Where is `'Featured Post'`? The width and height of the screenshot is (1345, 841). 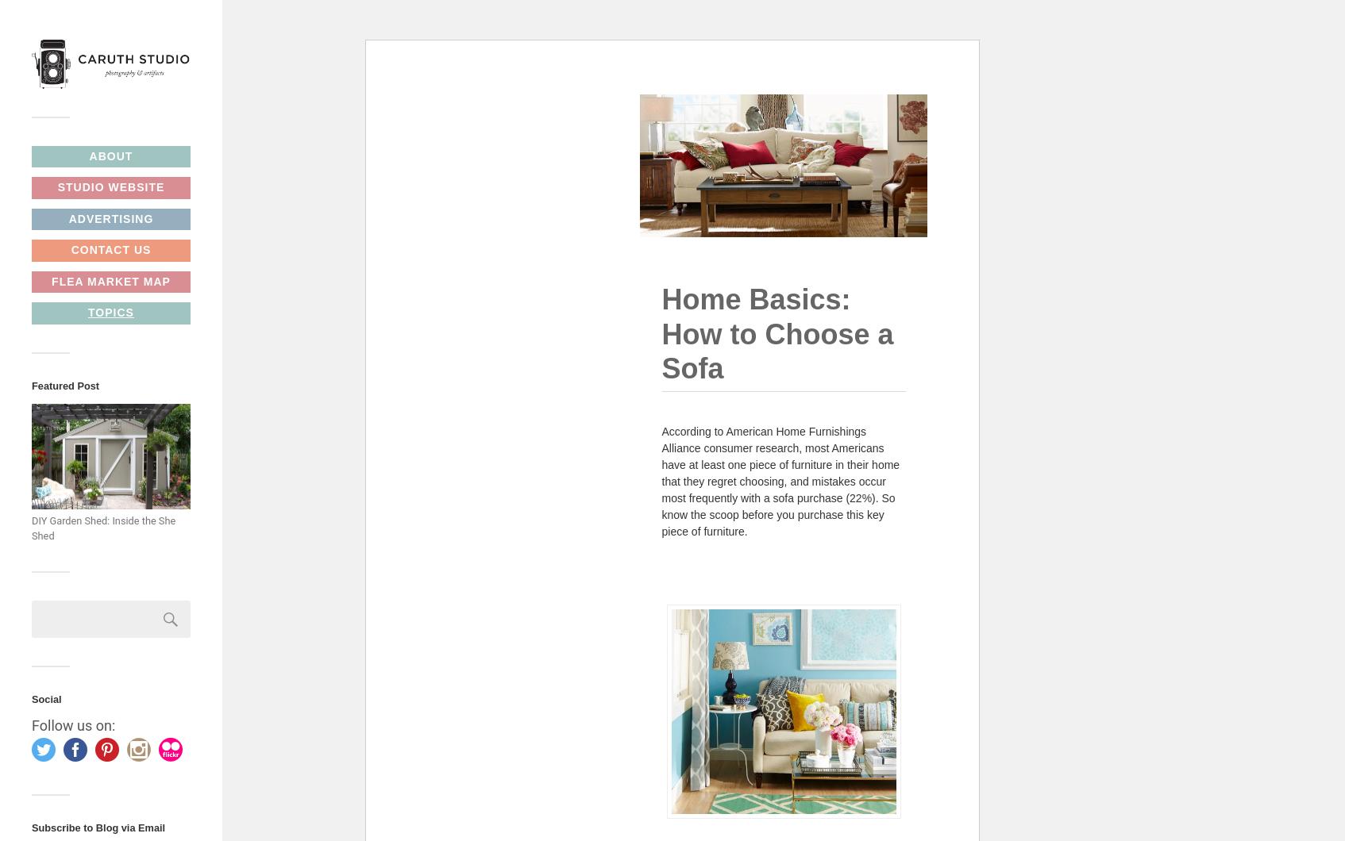
'Featured Post' is located at coordinates (65, 384).